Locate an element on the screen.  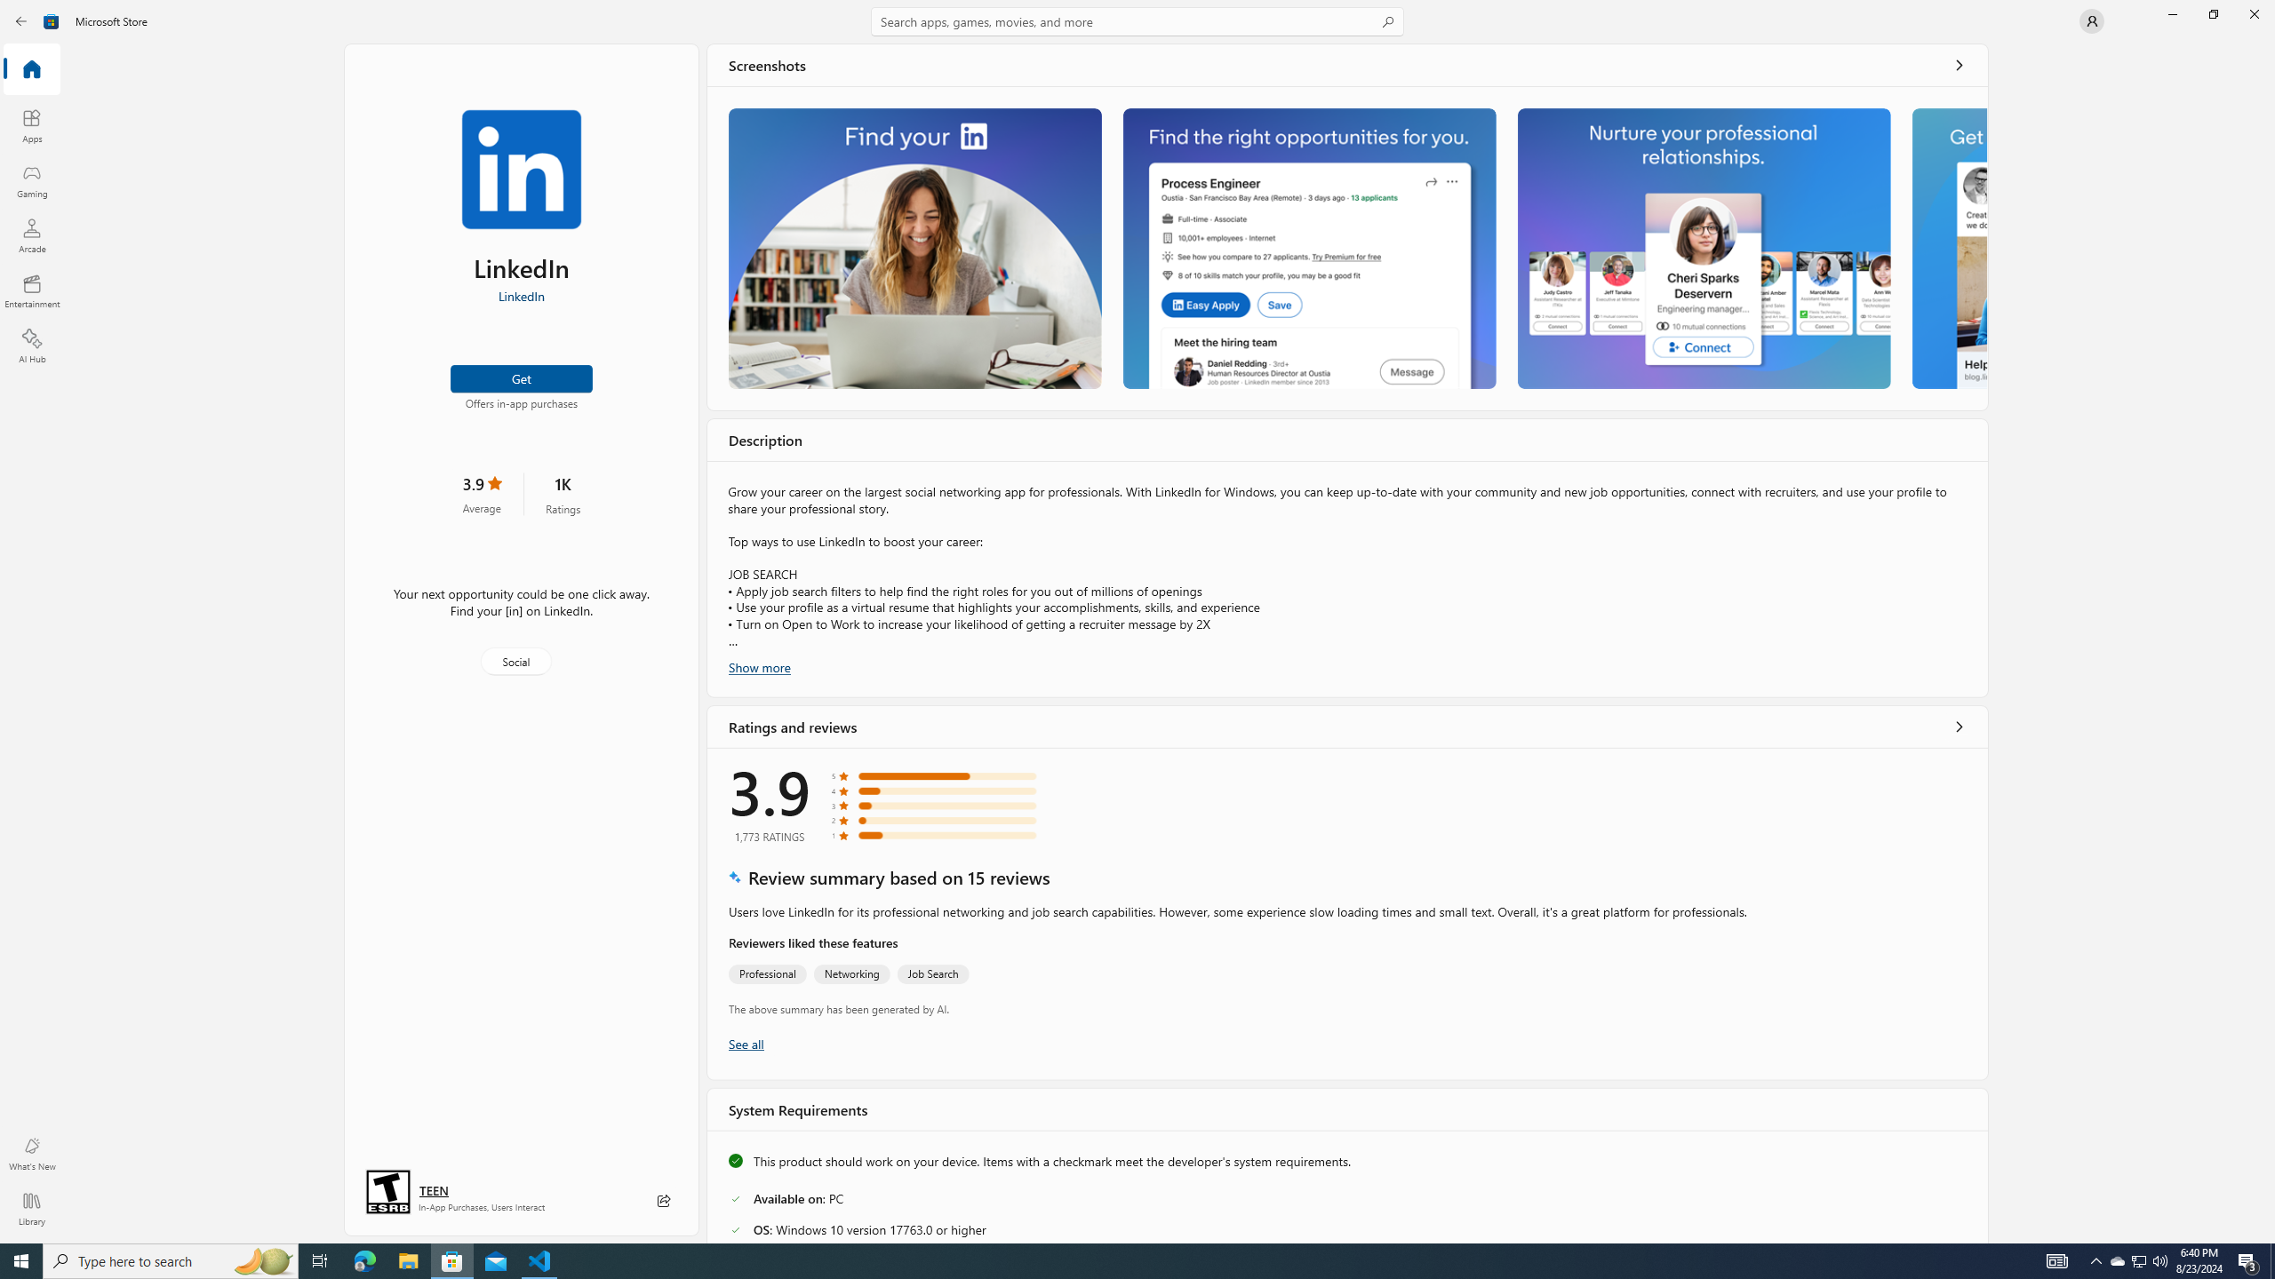
'Search' is located at coordinates (1137, 20).